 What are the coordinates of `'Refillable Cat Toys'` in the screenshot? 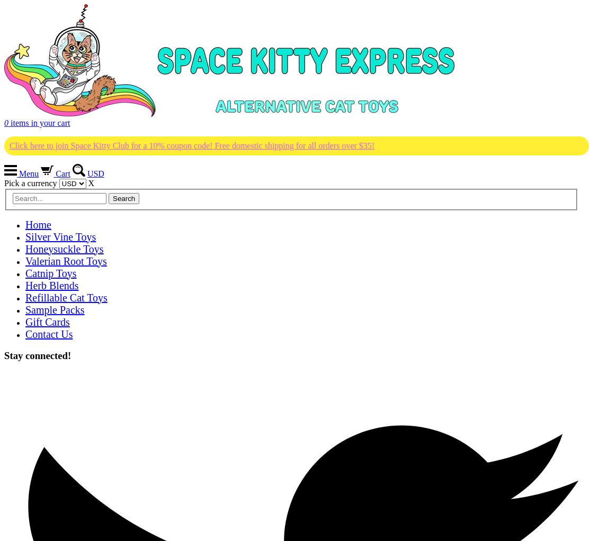 It's located at (65, 297).